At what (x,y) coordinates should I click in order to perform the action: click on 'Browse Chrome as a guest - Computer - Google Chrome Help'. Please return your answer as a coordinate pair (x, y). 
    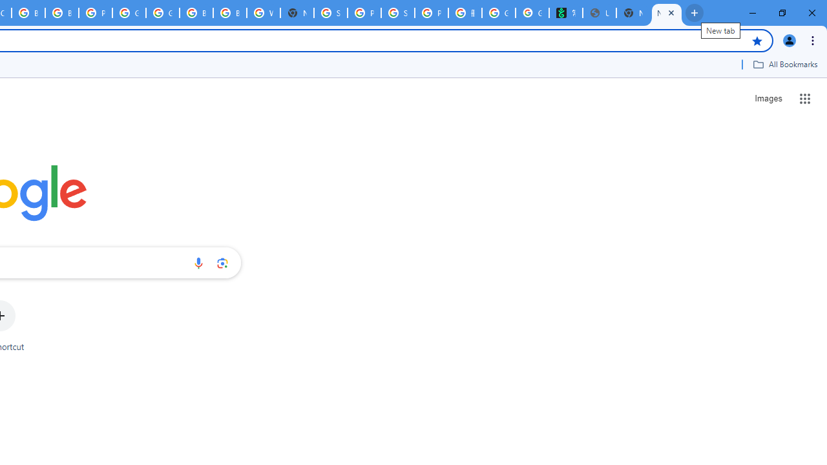
    Looking at the image, I should click on (28, 13).